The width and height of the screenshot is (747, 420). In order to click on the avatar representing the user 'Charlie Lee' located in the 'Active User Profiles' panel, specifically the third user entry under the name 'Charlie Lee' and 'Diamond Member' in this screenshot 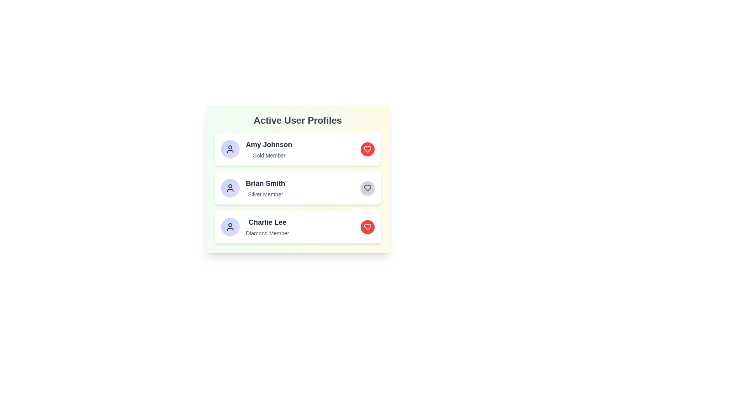, I will do `click(230, 227)`.